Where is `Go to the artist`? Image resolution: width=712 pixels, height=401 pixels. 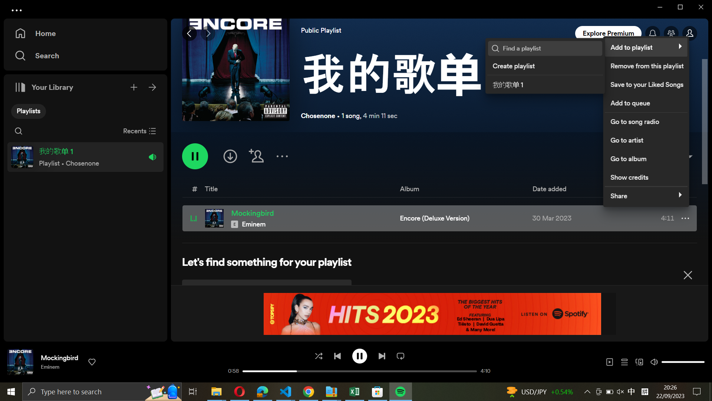 Go to the artist is located at coordinates (645, 139).